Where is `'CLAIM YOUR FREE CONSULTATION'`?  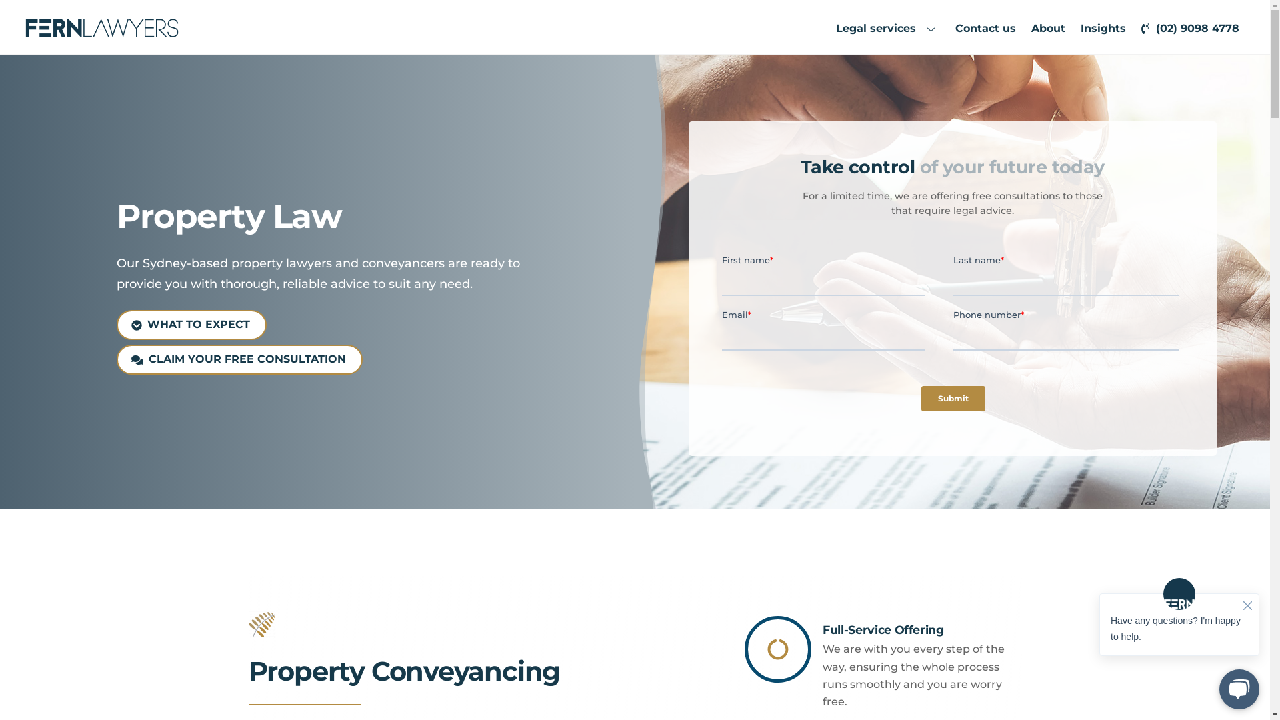
'CLAIM YOUR FREE CONSULTATION' is located at coordinates (239, 359).